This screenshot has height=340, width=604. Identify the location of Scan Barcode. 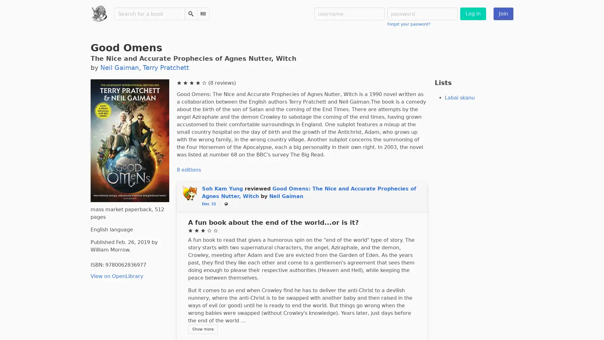
(203, 14).